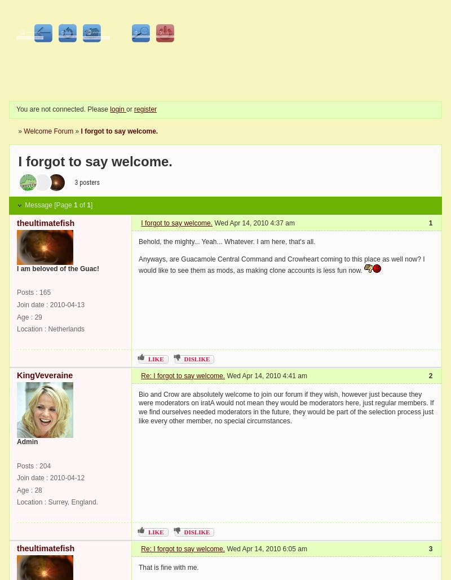 Image resolution: width=451 pixels, height=580 pixels. I want to click on 'Wed Apr 14, 2010 4:37 am', so click(253, 222).